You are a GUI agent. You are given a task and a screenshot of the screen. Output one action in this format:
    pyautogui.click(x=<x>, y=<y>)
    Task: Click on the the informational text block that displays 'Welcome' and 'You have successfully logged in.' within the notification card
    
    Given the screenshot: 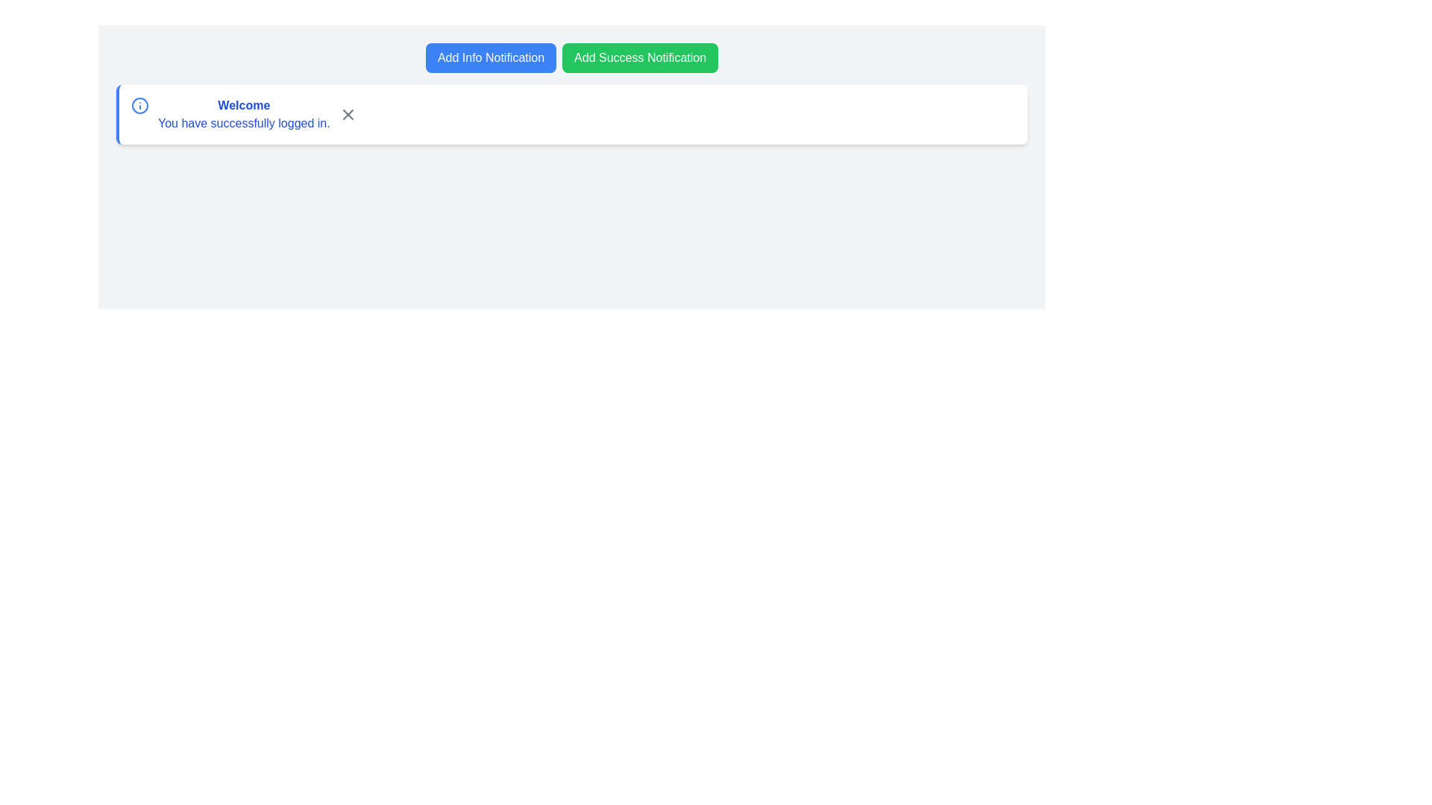 What is the action you would take?
    pyautogui.click(x=244, y=114)
    